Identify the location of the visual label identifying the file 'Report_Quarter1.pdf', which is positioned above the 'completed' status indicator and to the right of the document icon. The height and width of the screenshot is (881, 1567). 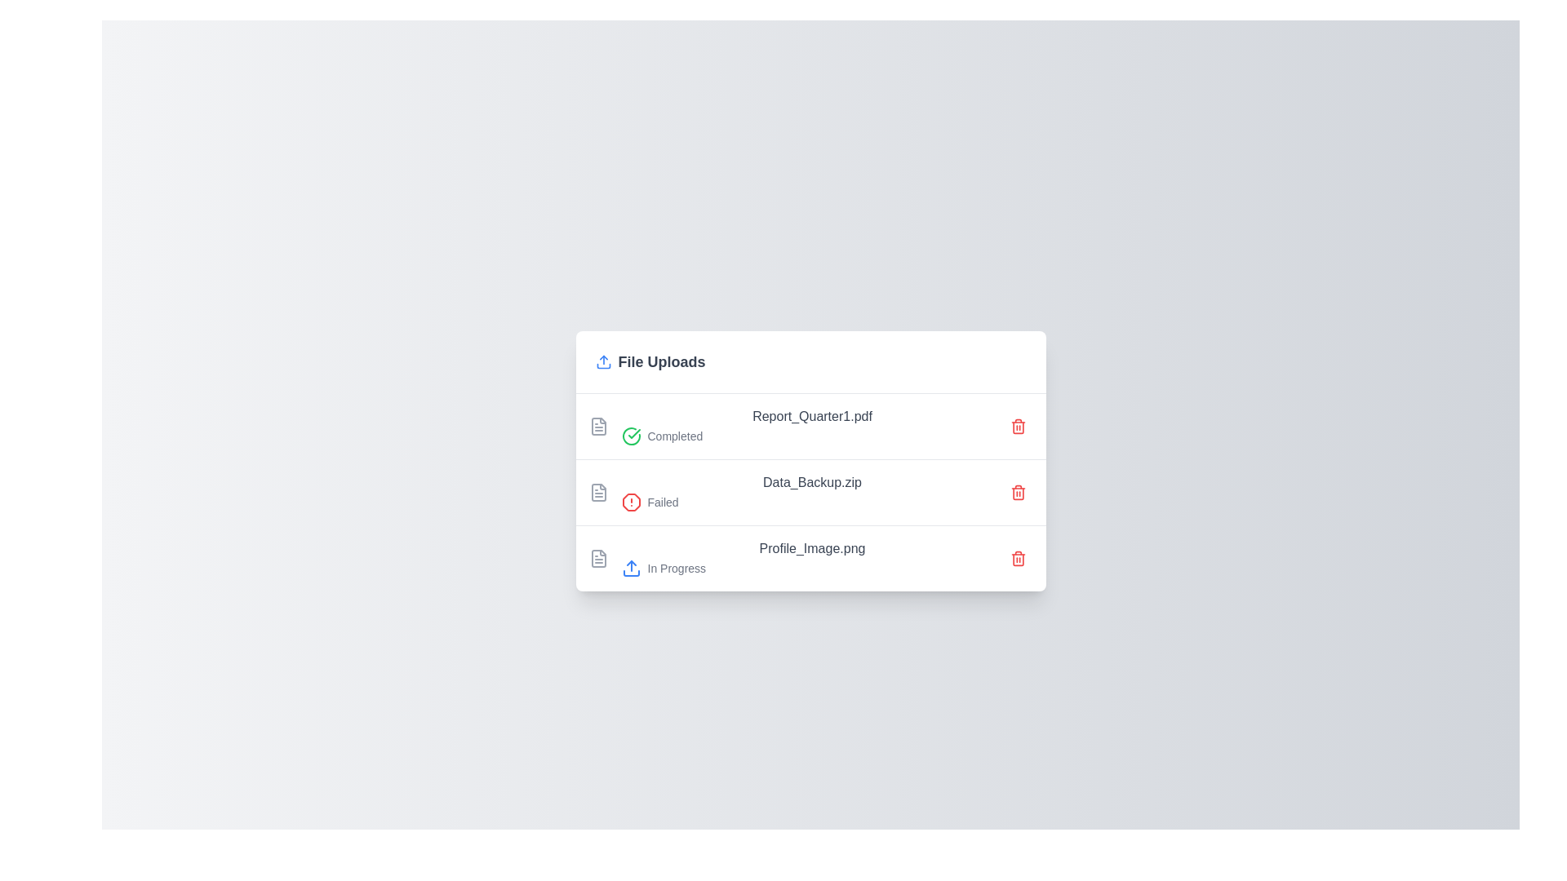
(812, 415).